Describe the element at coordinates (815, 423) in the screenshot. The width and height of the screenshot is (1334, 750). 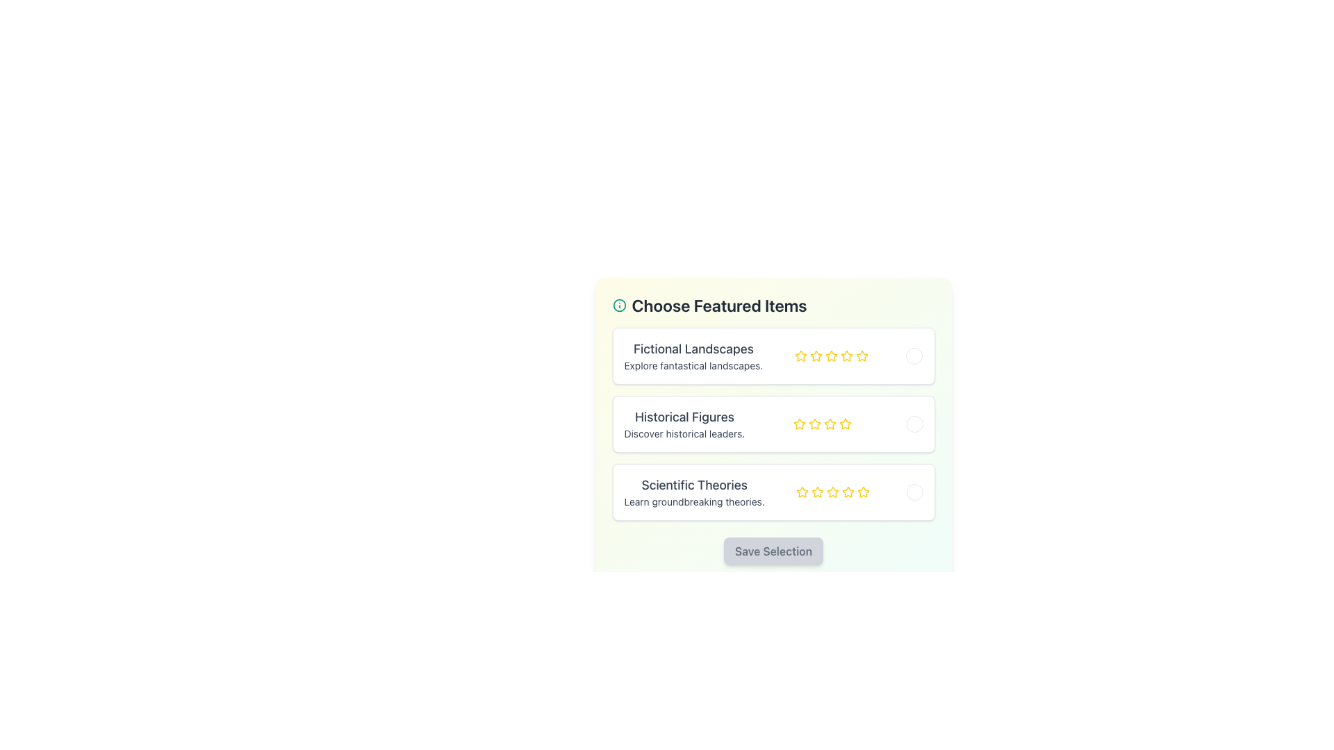
I see `the second yellow star in the 'Historical Figures' rating row` at that location.